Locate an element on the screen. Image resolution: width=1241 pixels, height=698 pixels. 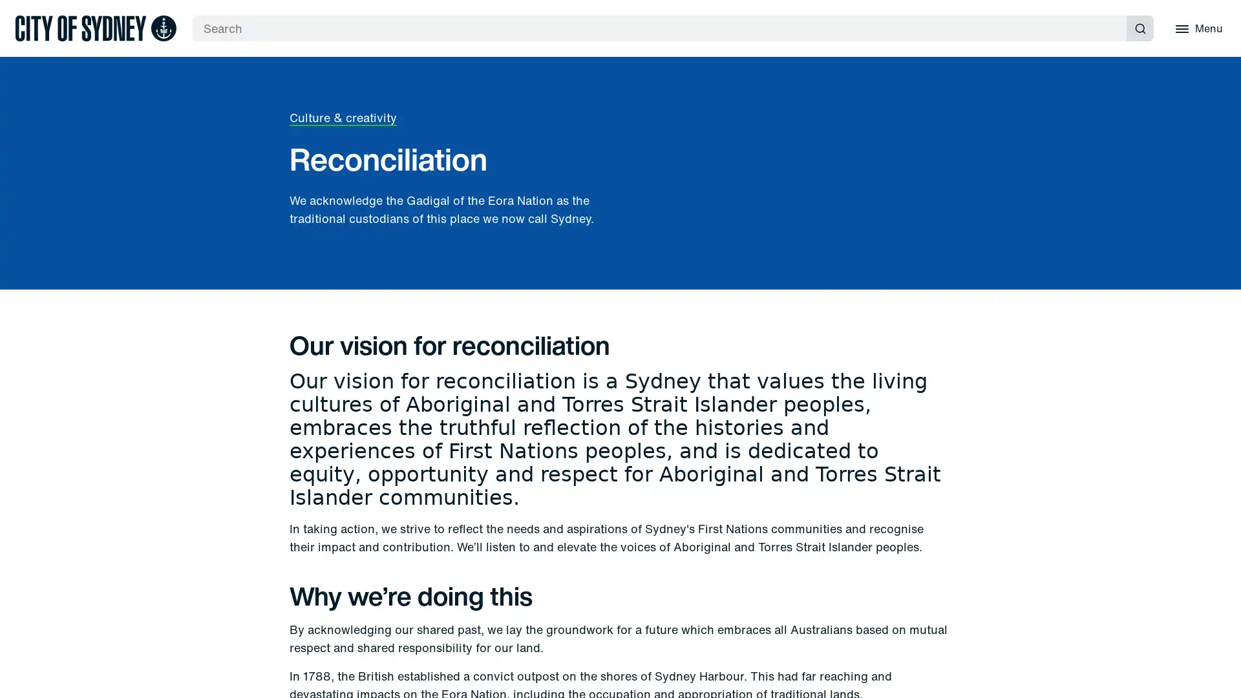
Menu is located at coordinates (1196, 28).